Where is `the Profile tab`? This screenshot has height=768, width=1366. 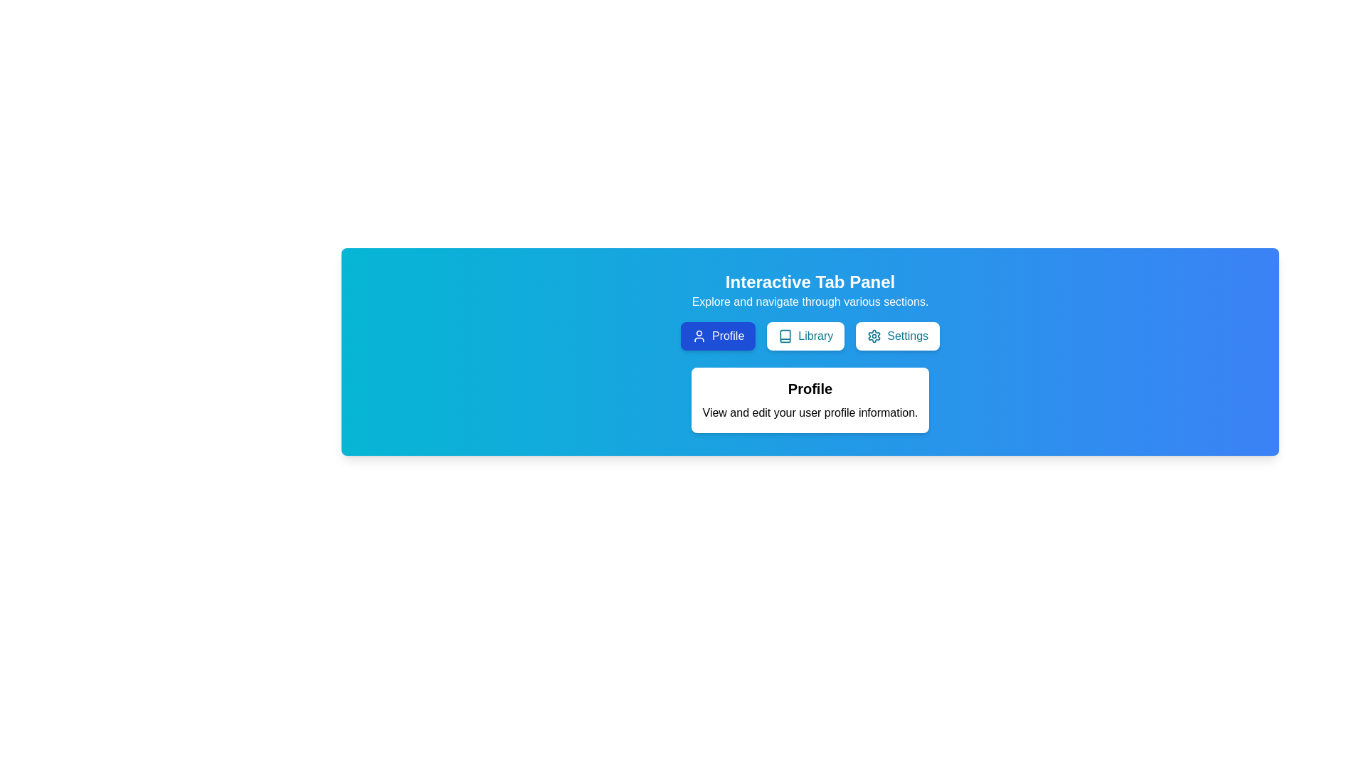
the Profile tab is located at coordinates (718, 336).